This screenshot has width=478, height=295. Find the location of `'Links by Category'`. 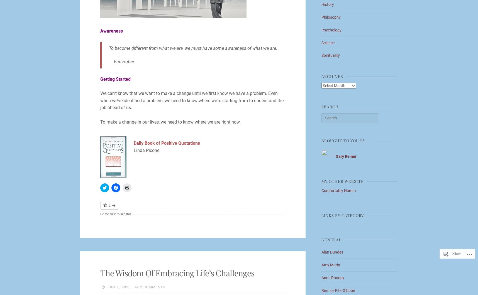

'Links by Category' is located at coordinates (321, 215).